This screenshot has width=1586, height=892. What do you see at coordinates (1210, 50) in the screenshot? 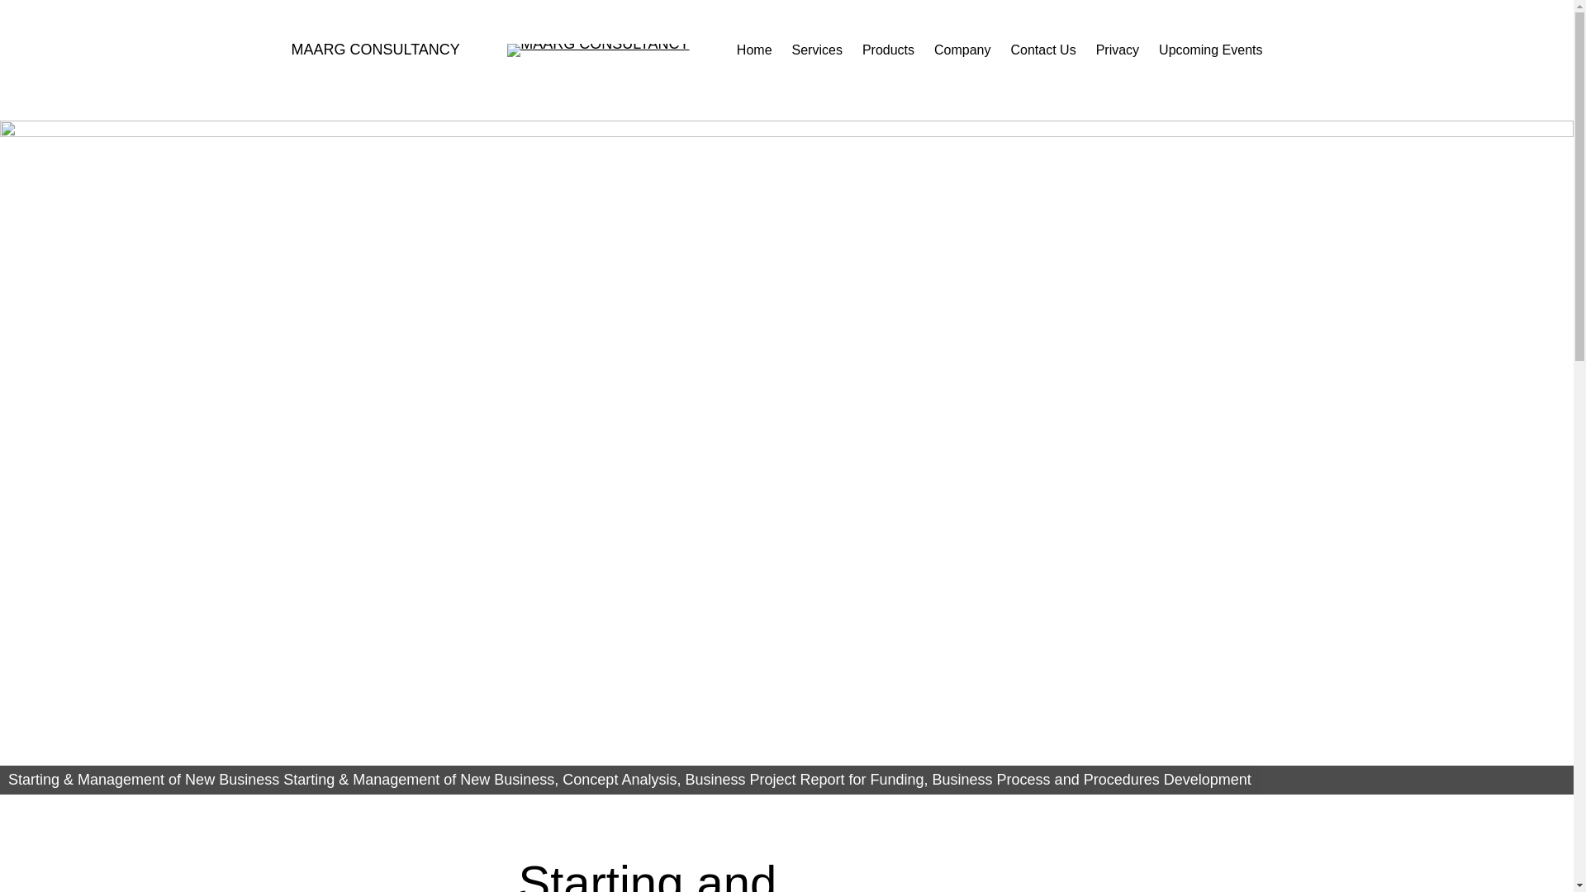
I see `'Upcoming Events'` at bounding box center [1210, 50].